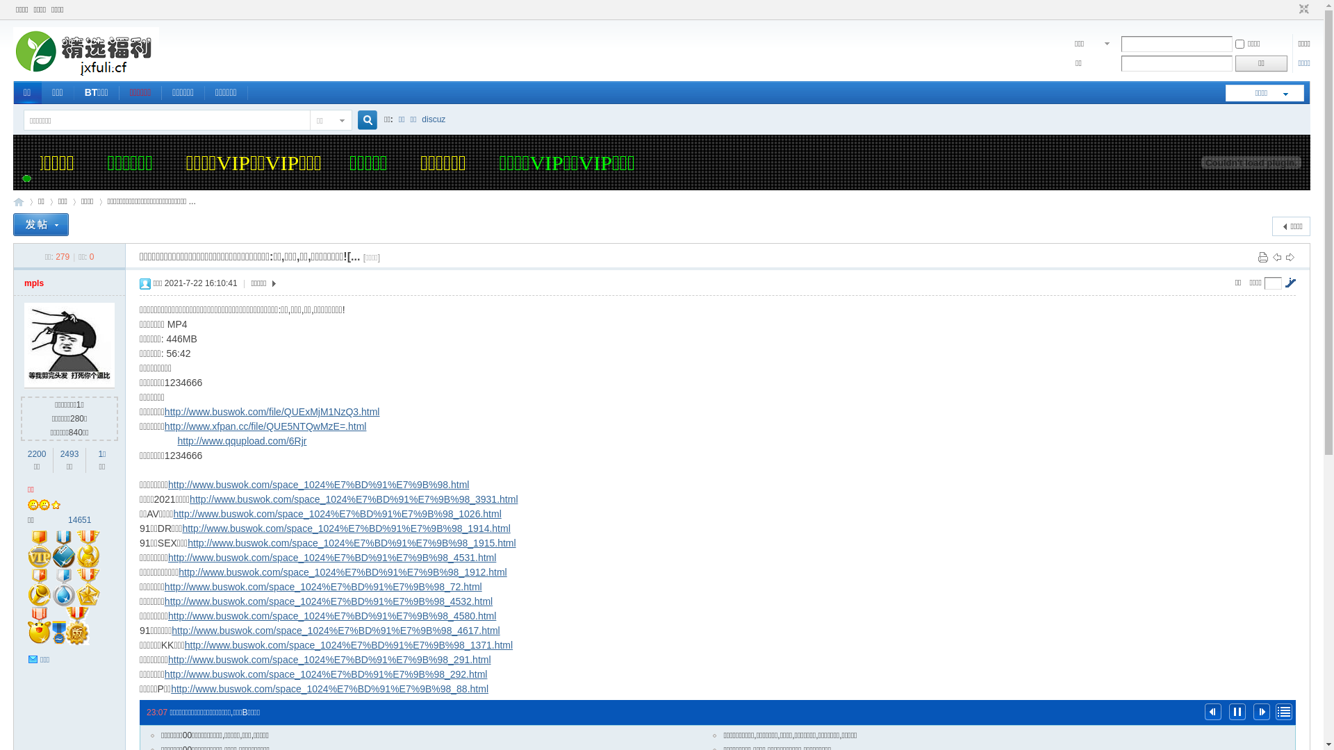 Image resolution: width=1334 pixels, height=750 pixels. Describe the element at coordinates (325, 674) in the screenshot. I see `'http://www.buswok.com/space_1024%E7%BD%91%E7%9B%98_292.html'` at that location.